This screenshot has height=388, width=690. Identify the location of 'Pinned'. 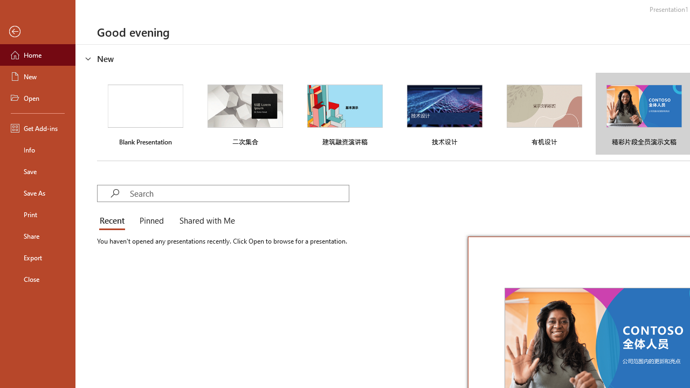
(150, 221).